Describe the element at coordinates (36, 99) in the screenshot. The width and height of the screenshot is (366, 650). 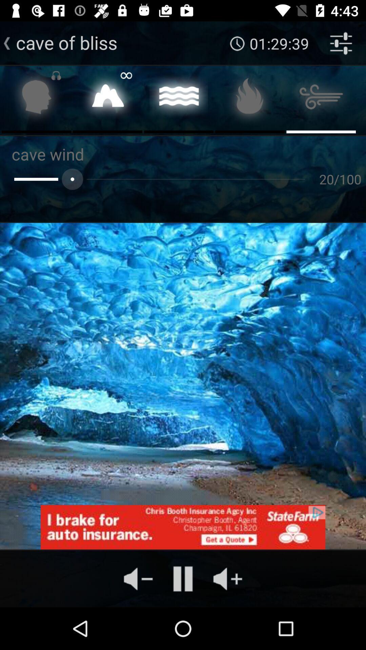
I see `music listening to headphones` at that location.